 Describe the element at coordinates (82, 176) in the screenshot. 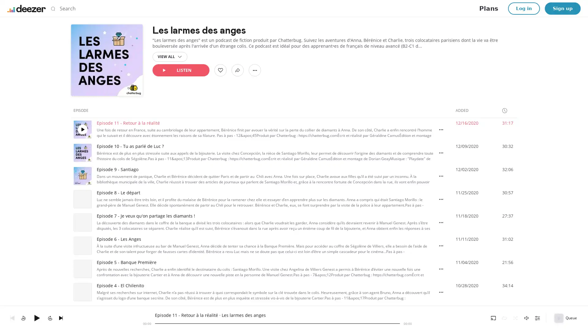

I see `Play Episode 9 - Santiago by Les larmes des anges` at that location.